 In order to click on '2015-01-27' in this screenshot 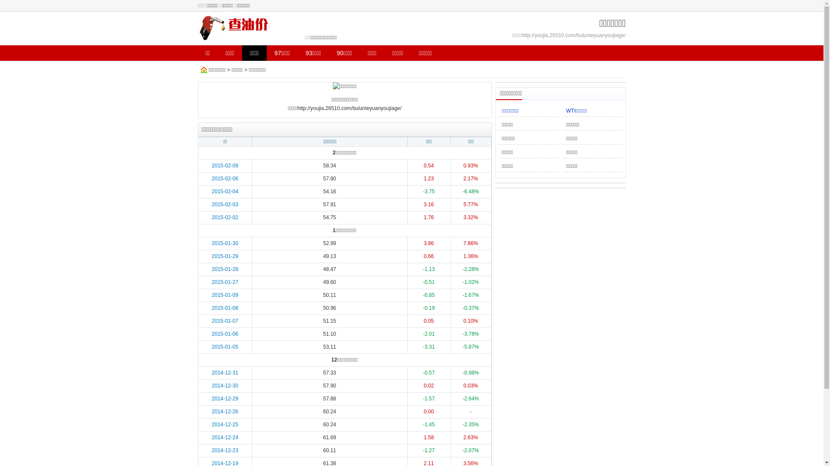, I will do `click(225, 282)`.